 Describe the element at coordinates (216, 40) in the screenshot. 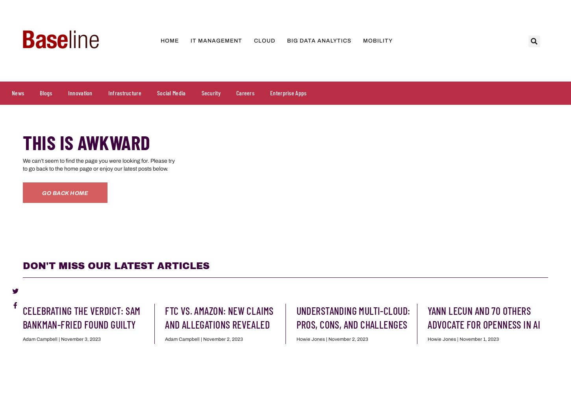

I see `'IT Management'` at that location.